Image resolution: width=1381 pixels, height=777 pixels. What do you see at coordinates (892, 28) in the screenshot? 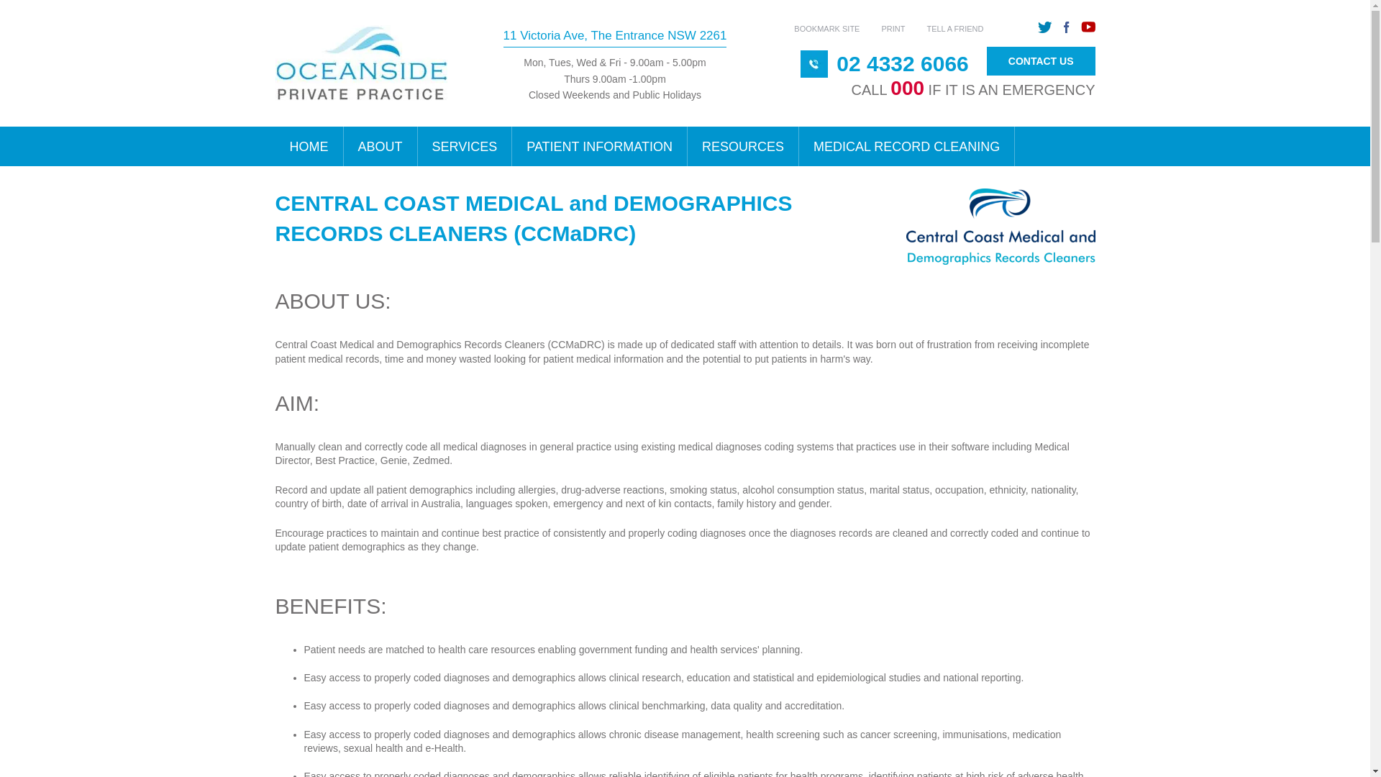
I see `'PRINT'` at bounding box center [892, 28].